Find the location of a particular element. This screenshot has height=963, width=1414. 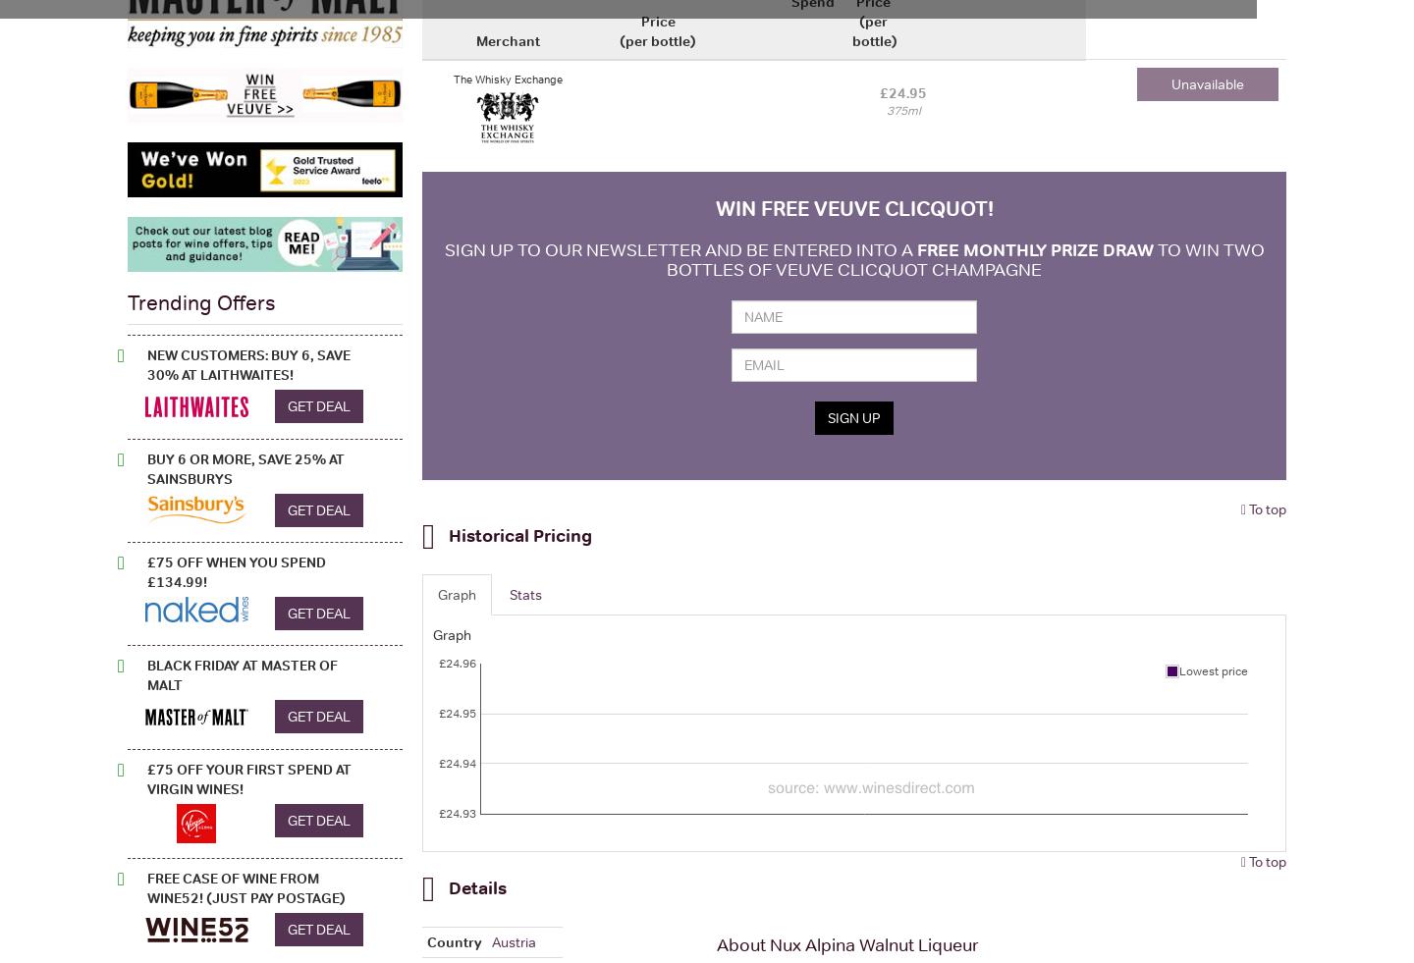

'New Customers: Buy 6, Save 30% at Laithwaites!' is located at coordinates (247, 363).